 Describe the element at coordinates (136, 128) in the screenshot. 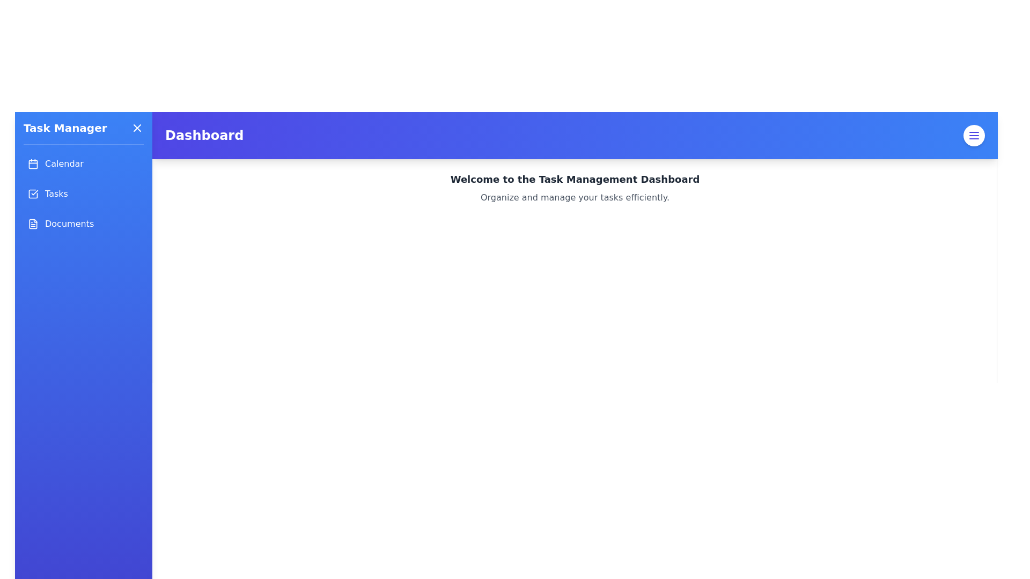

I see `the button located in the top-right corner of the 'Task Manager' header section` at that location.